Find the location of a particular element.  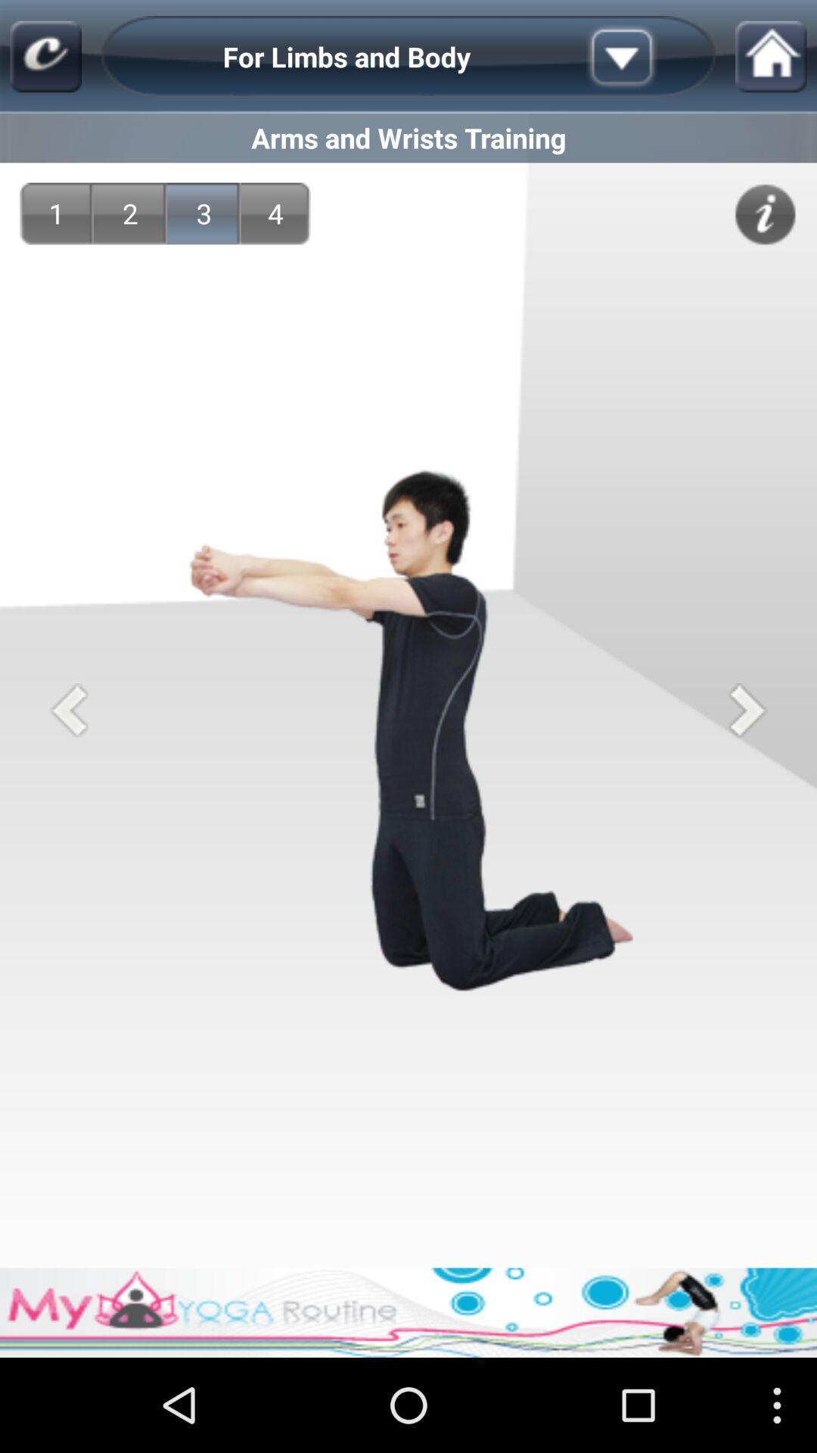

previous is located at coordinates (69, 709).